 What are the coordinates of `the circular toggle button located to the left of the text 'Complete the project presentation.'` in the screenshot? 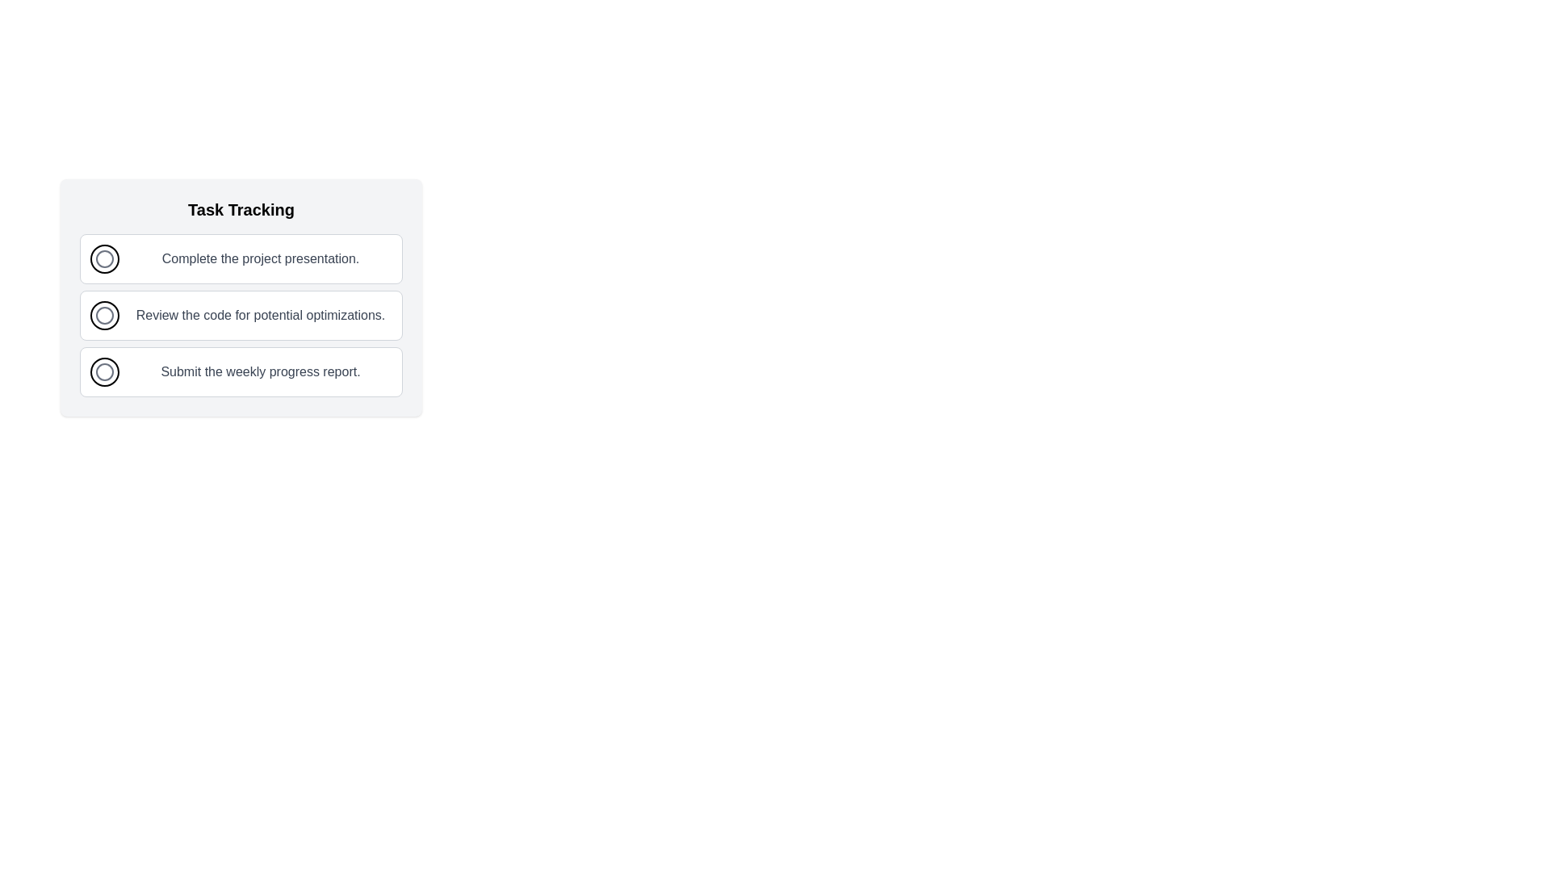 It's located at (103, 258).